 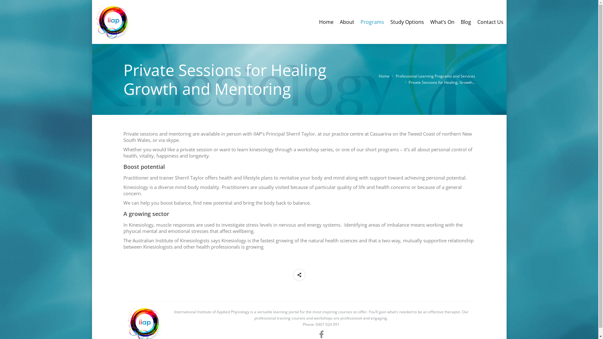 I want to click on 'Programs', so click(x=372, y=21).